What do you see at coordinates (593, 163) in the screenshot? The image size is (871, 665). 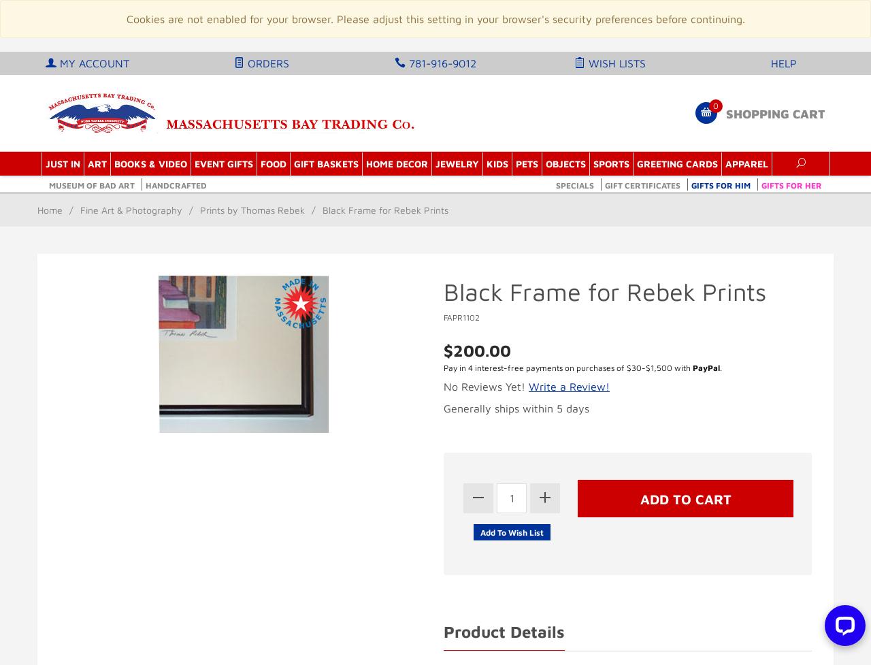 I see `'Sports'` at bounding box center [593, 163].